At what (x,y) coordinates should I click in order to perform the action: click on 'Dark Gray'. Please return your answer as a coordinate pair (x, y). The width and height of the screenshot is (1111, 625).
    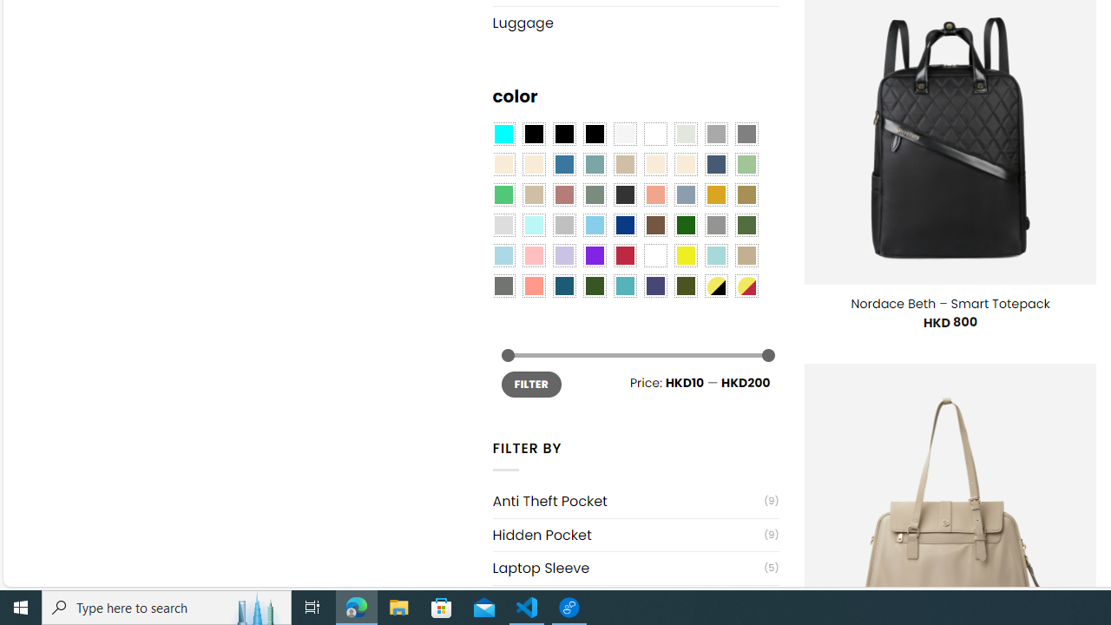
    Looking at the image, I should click on (715, 133).